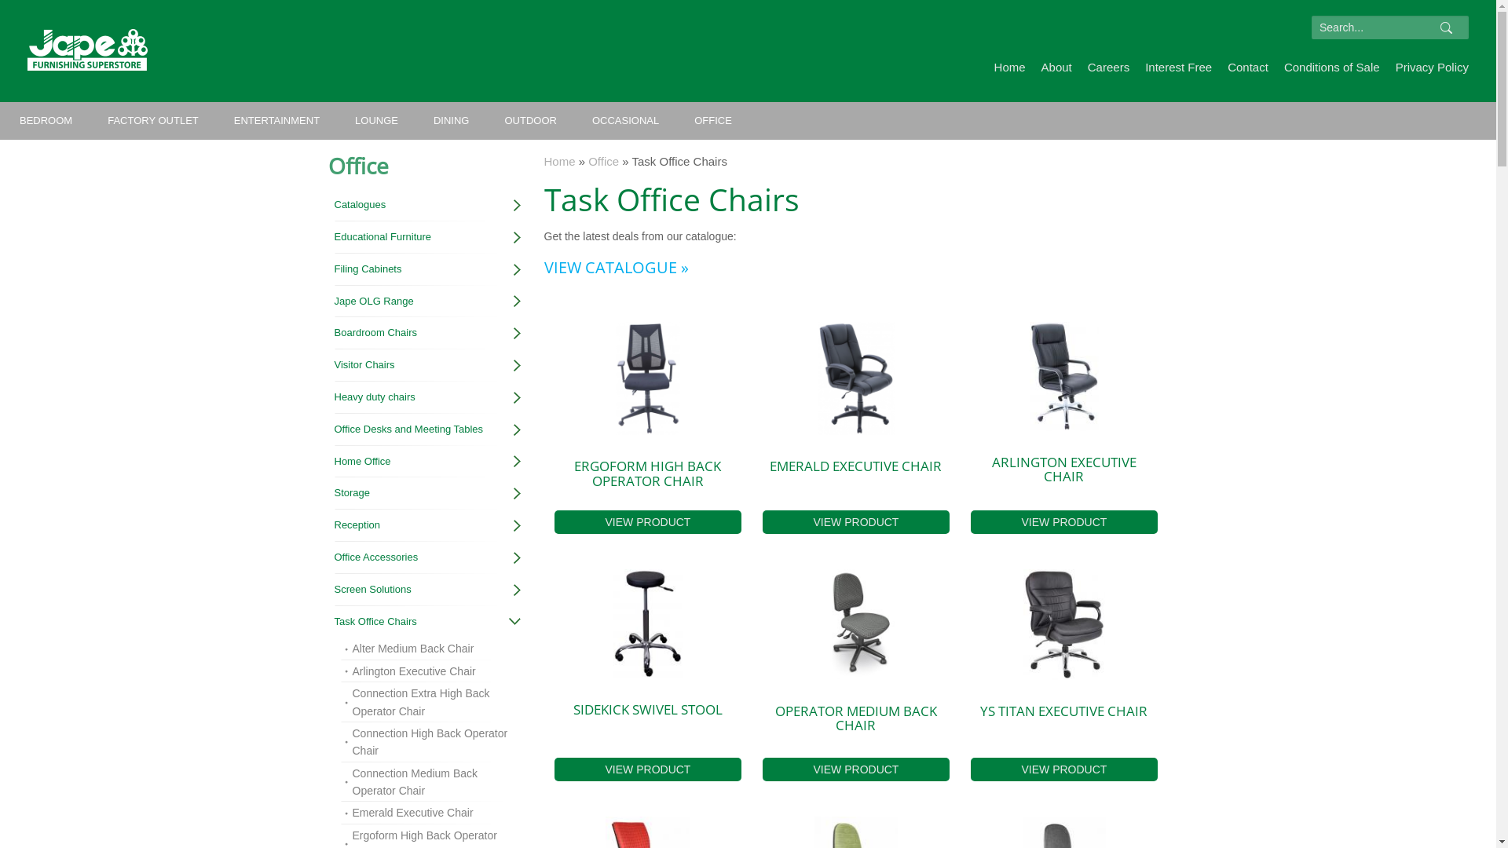 This screenshot has width=1508, height=848. What do you see at coordinates (1284, 66) in the screenshot?
I see `'Conditions of Sale'` at bounding box center [1284, 66].